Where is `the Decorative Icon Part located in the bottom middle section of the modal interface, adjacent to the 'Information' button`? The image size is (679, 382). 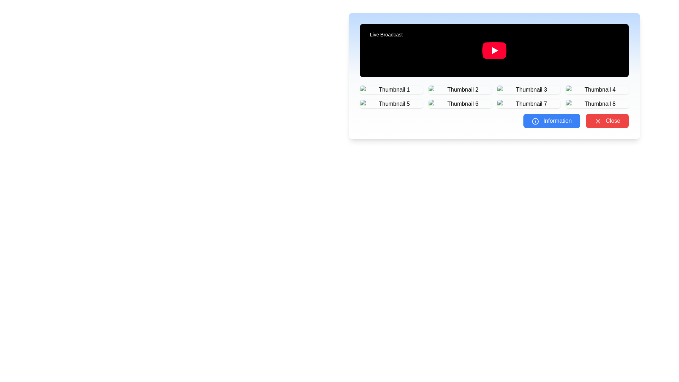
the Decorative Icon Part located in the bottom middle section of the modal interface, adjacent to the 'Information' button is located at coordinates (535, 121).